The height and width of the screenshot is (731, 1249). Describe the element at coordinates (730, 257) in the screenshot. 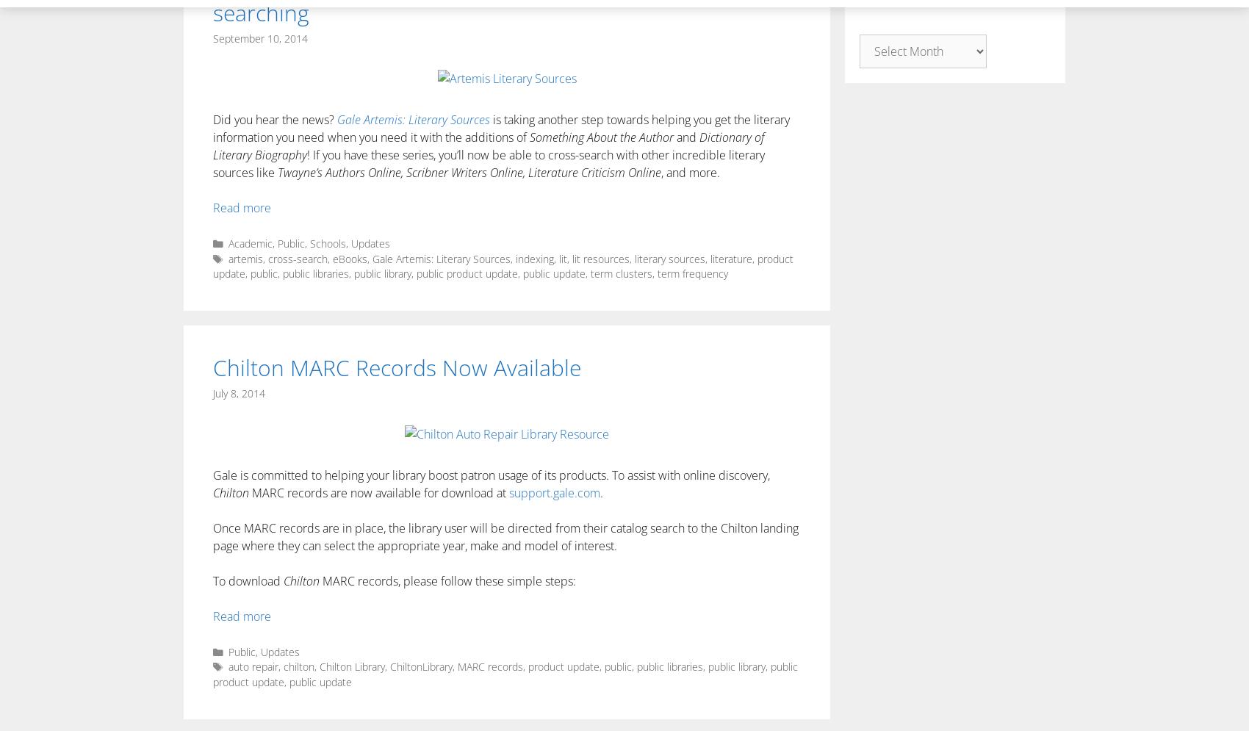

I see `'literature'` at that location.